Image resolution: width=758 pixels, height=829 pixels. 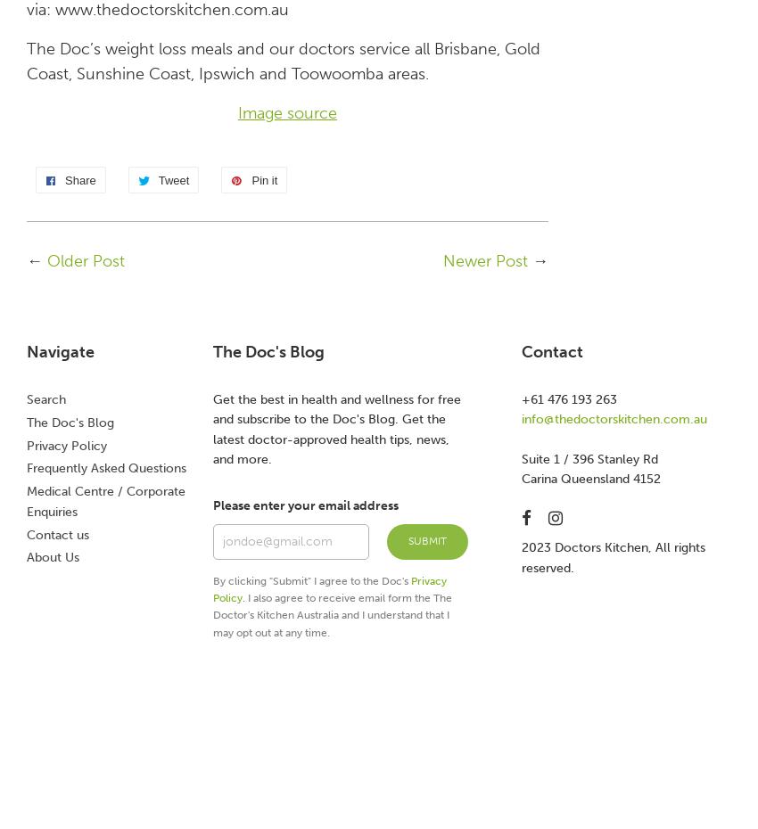 What do you see at coordinates (484, 260) in the screenshot?
I see `'Newer Post'` at bounding box center [484, 260].